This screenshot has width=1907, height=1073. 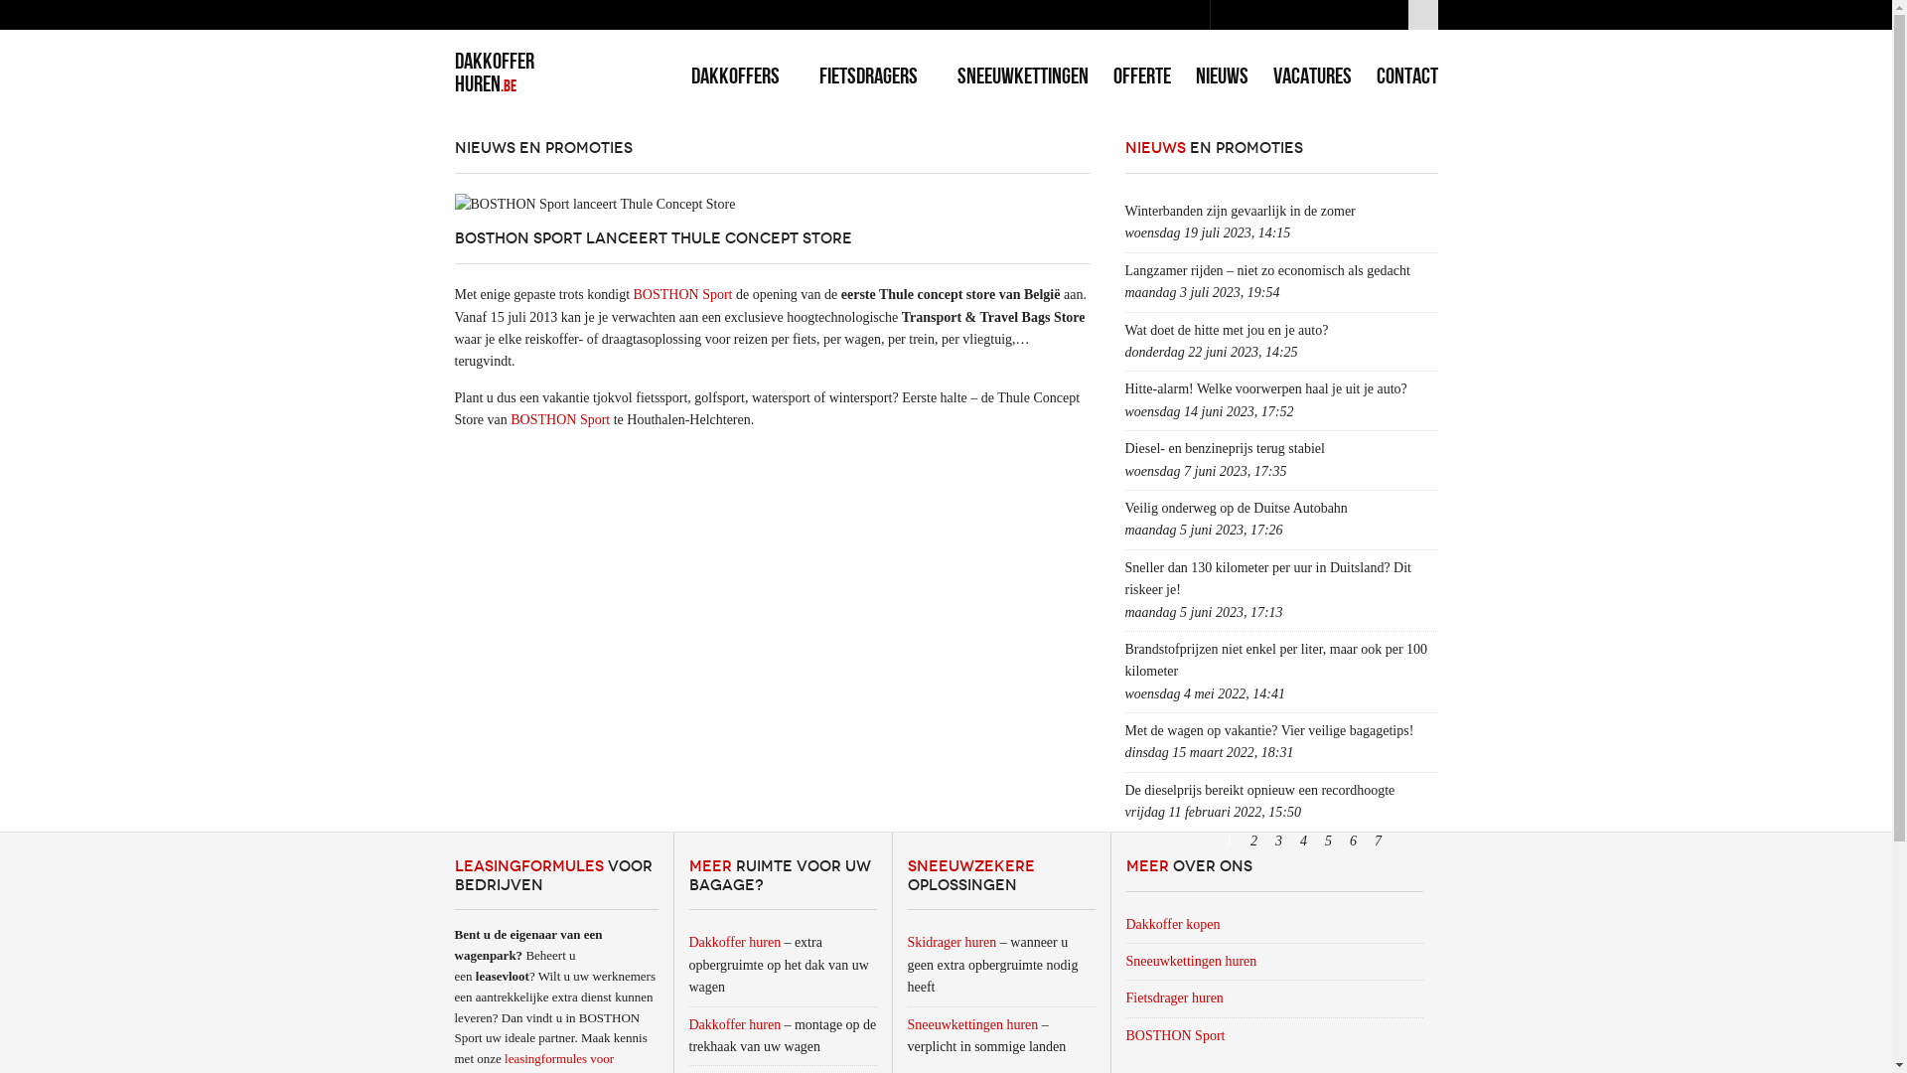 What do you see at coordinates (1209, 15) in the screenshot?
I see `'Geef de woorden op waarnaar u wilt zoeken.'` at bounding box center [1209, 15].